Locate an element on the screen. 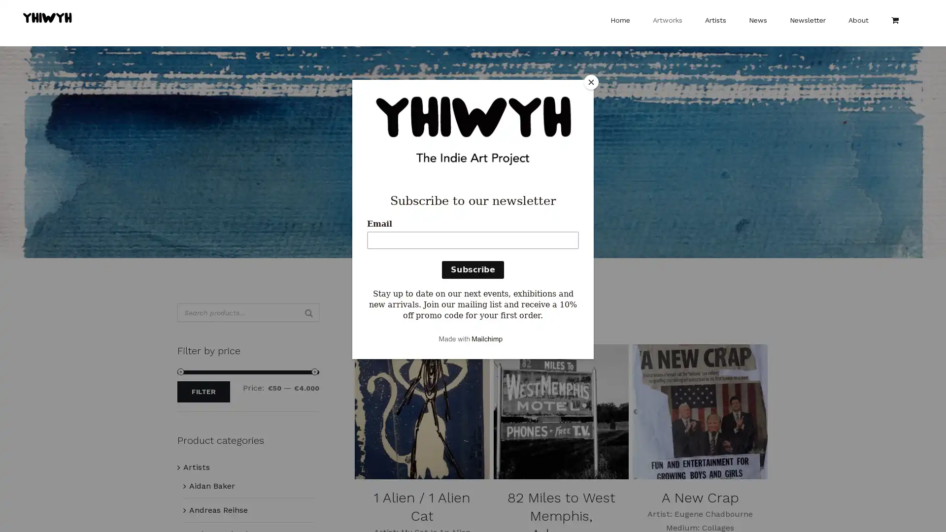 The width and height of the screenshot is (946, 532). Search is located at coordinates (308, 313).